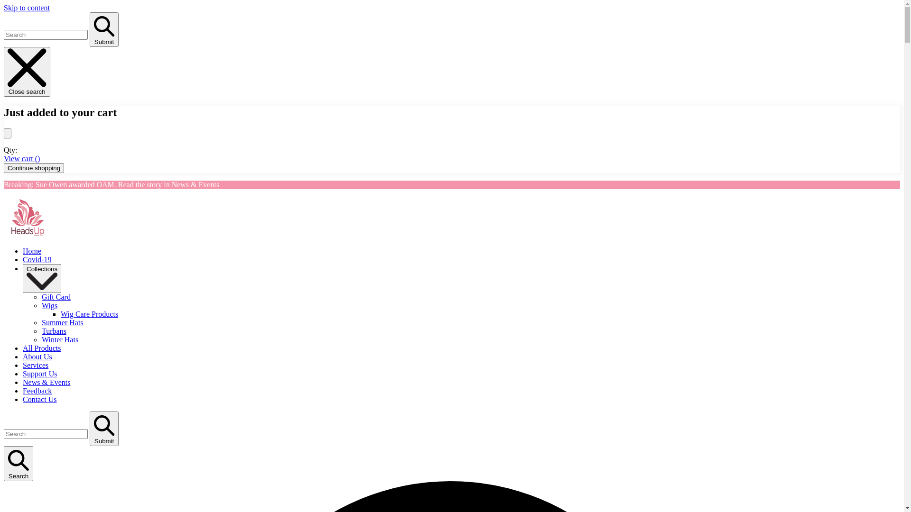 The height and width of the screenshot is (512, 911). Describe the element at coordinates (27, 8) in the screenshot. I see `'Skip to content'` at that location.